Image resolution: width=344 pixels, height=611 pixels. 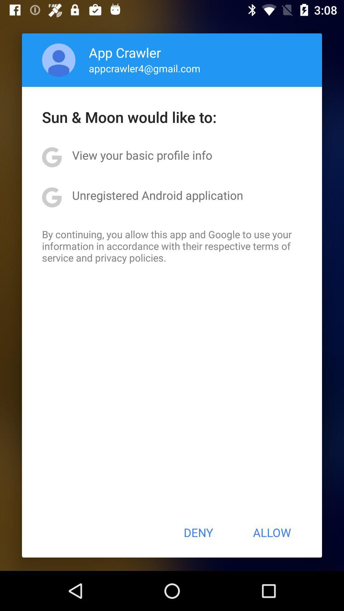 What do you see at coordinates (125, 52) in the screenshot?
I see `the icon above appcrawler4@gmail.com` at bounding box center [125, 52].